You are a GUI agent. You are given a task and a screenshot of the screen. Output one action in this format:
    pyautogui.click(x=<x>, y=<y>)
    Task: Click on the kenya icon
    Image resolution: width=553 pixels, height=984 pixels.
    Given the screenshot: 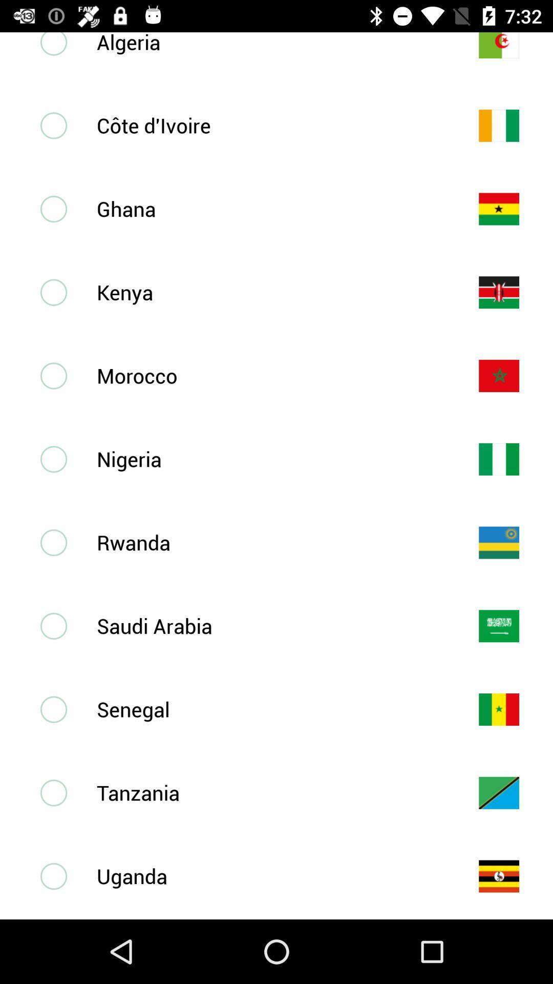 What is the action you would take?
    pyautogui.click(x=270, y=292)
    